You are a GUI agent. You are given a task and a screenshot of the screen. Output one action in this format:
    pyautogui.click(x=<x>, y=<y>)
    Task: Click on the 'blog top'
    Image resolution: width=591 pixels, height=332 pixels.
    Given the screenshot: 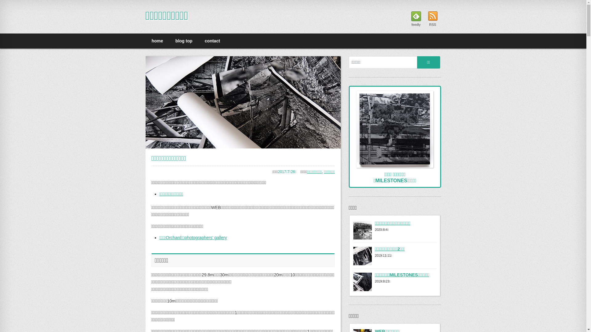 What is the action you would take?
    pyautogui.click(x=183, y=41)
    